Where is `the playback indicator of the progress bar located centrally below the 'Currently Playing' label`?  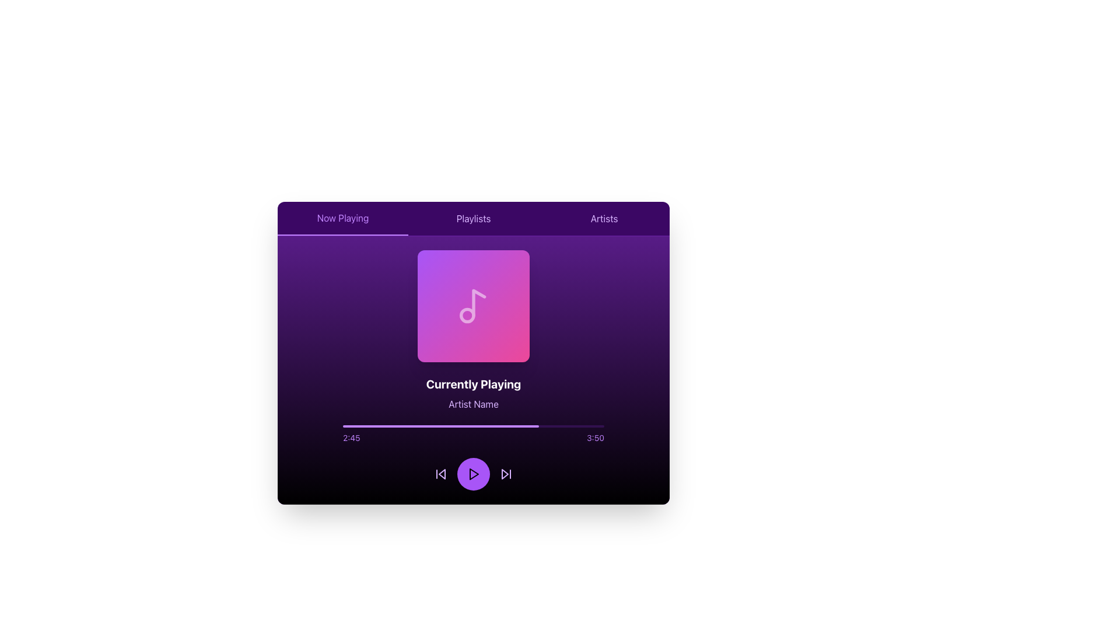
the playback indicator of the progress bar located centrally below the 'Currently Playing' label is located at coordinates (473, 441).